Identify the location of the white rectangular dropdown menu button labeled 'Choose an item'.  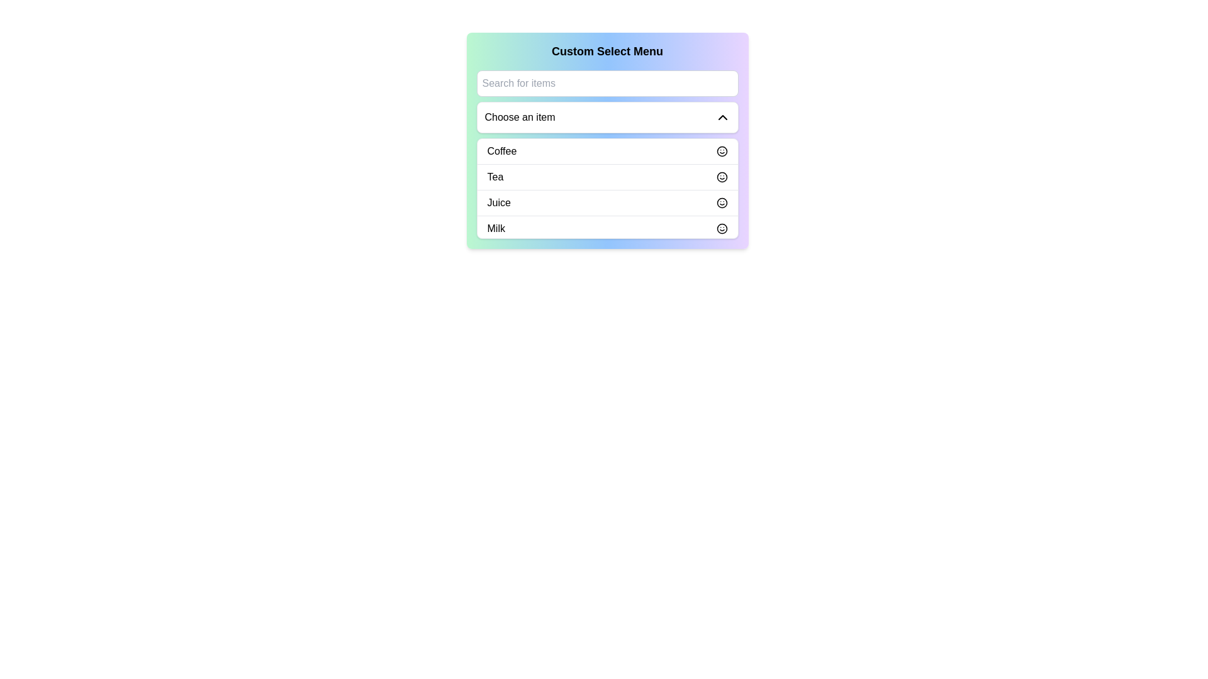
(607, 117).